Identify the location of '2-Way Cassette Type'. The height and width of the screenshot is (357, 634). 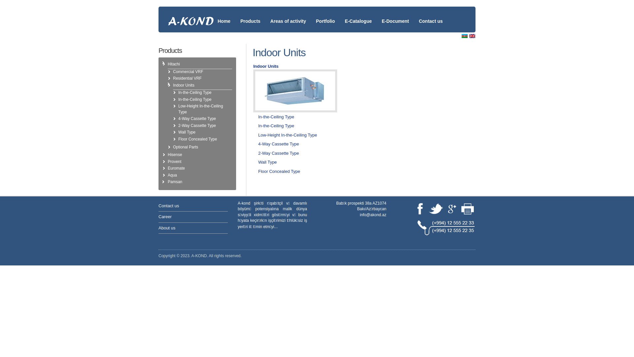
(279, 153).